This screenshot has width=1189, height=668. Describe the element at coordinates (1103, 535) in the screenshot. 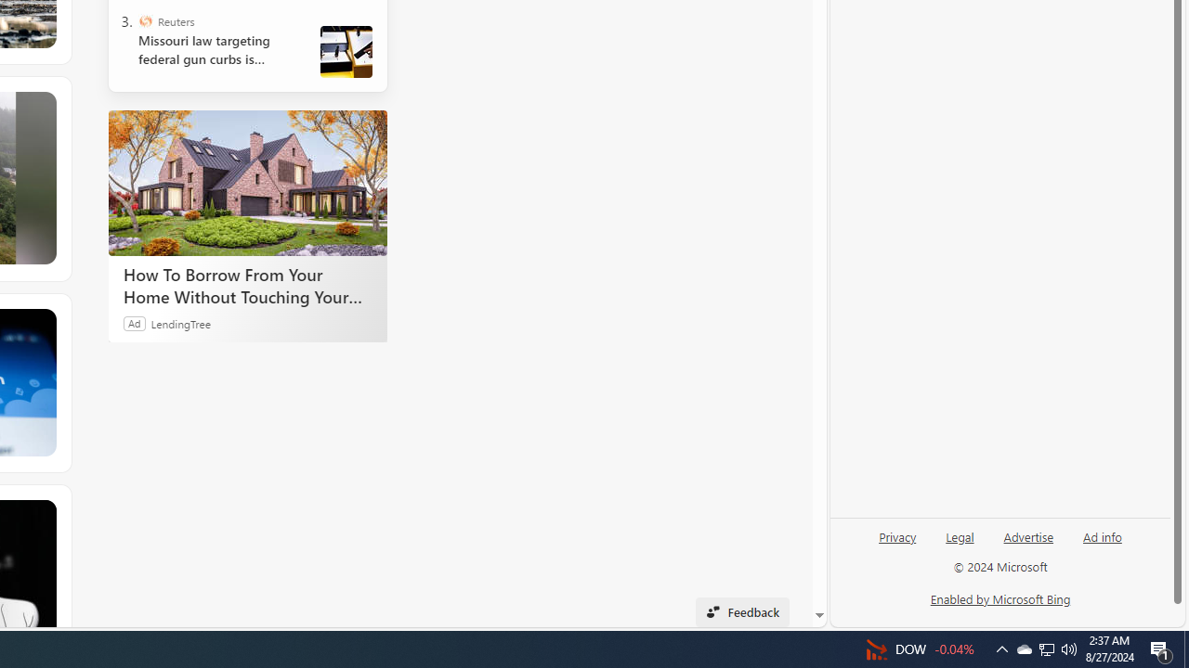

I see `'Ad info'` at that location.